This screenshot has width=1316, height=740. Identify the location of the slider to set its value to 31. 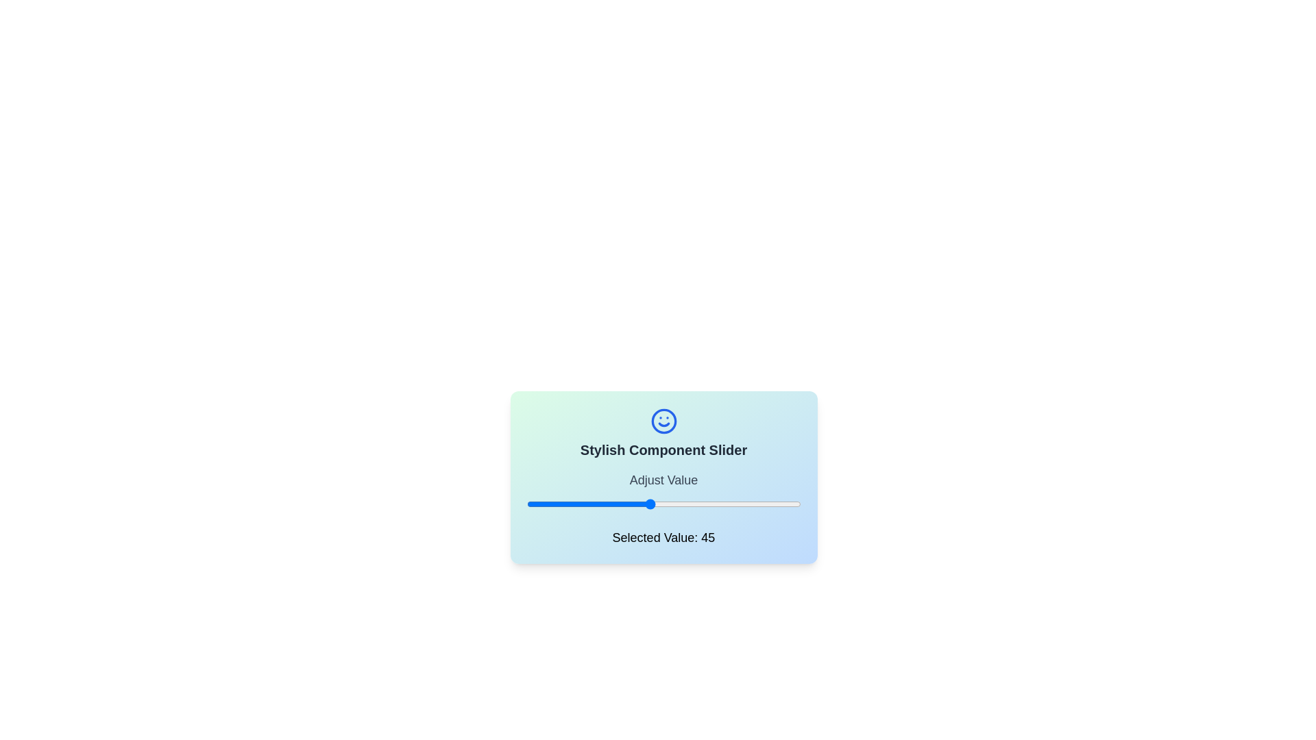
(611, 504).